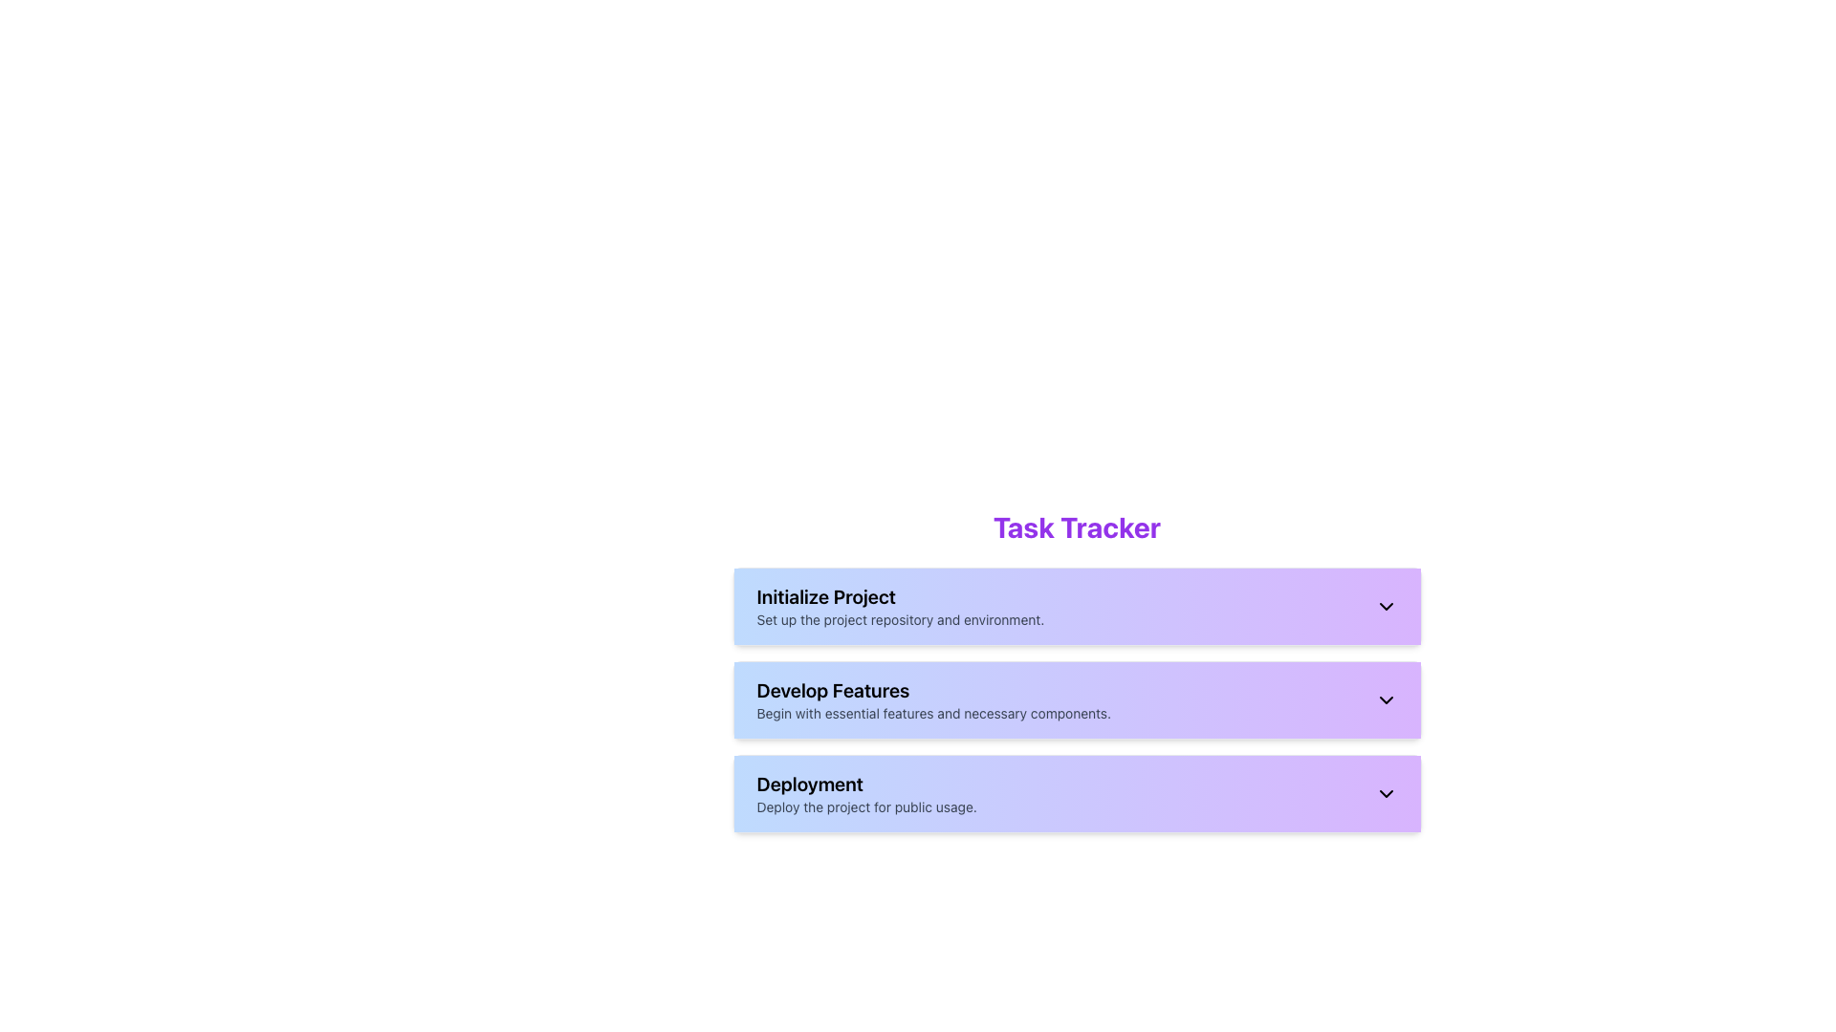 This screenshot has width=1836, height=1032. I want to click on text block element titled 'Deployment' which provides information about deploying the project for public usage. This text block is located in the third card of a vertical list of three cards, below the 'Develop Features' card, so click(865, 793).